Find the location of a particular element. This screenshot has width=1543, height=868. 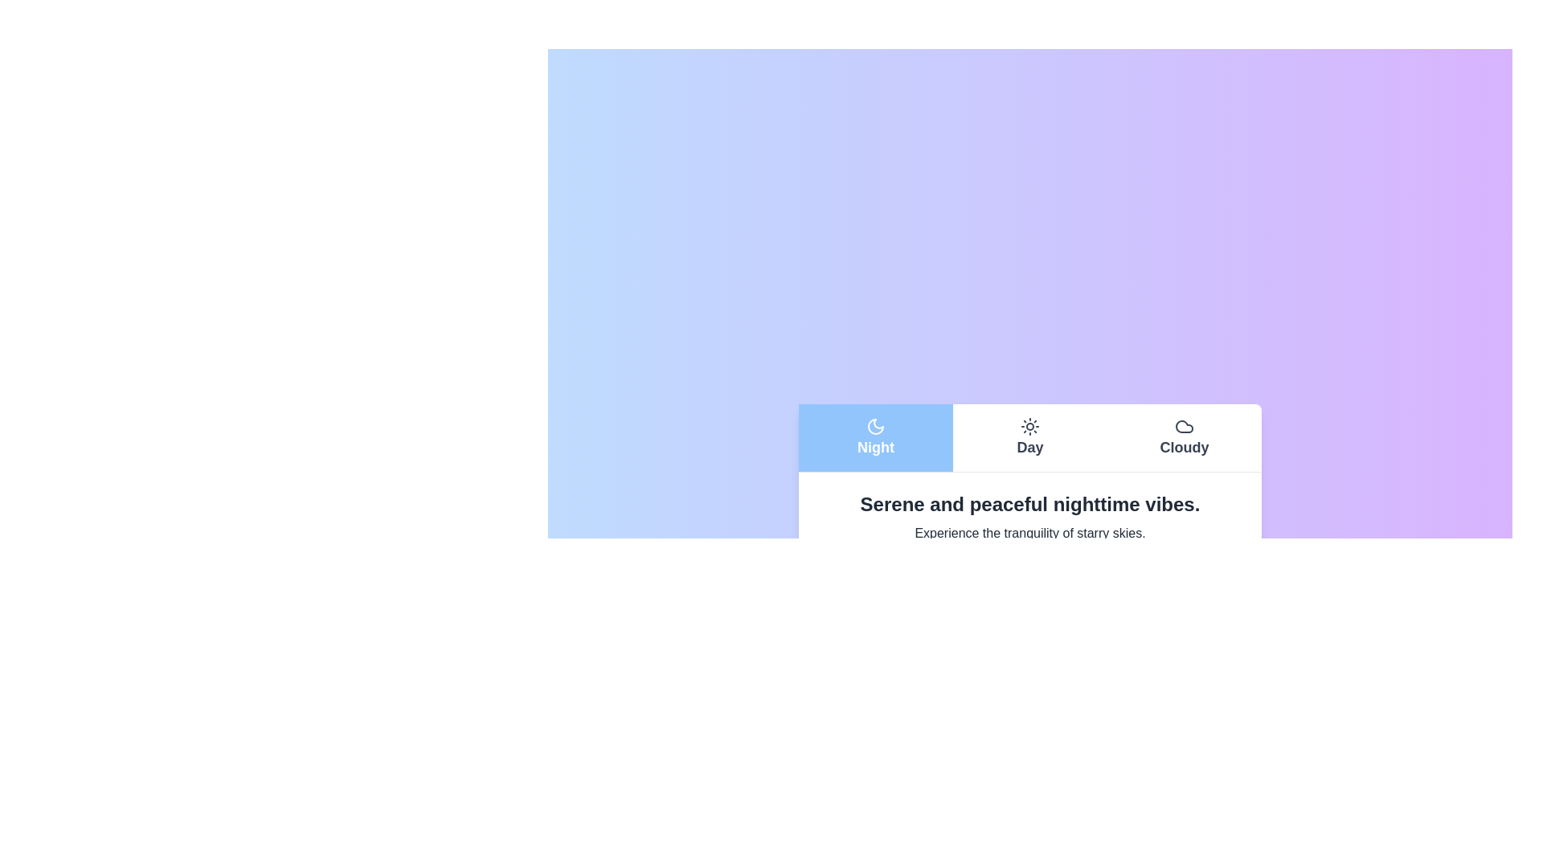

the Cloudy tab by clicking on it is located at coordinates (1184, 437).